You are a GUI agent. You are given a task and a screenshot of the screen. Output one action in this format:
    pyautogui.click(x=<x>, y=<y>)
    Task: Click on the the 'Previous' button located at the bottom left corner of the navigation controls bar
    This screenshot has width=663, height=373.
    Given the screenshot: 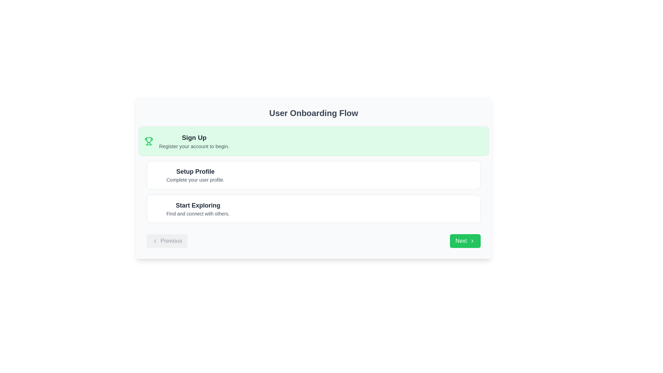 What is the action you would take?
    pyautogui.click(x=167, y=241)
    